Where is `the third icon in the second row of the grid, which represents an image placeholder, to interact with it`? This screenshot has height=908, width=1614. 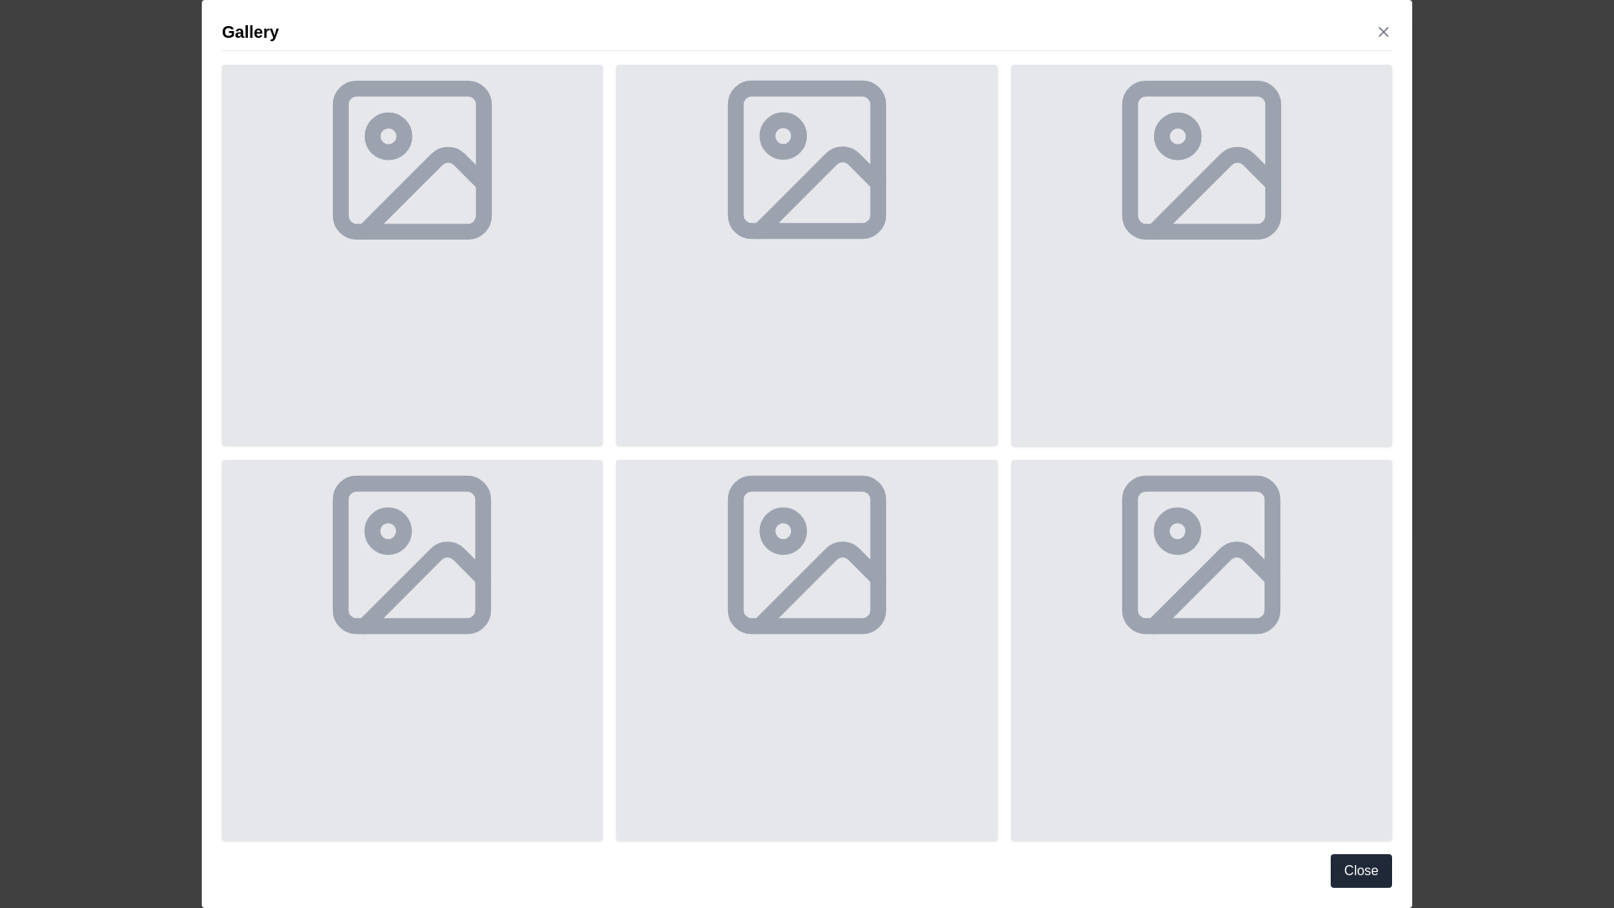 the third icon in the second row of the grid, which represents an image placeholder, to interact with it is located at coordinates (807, 554).